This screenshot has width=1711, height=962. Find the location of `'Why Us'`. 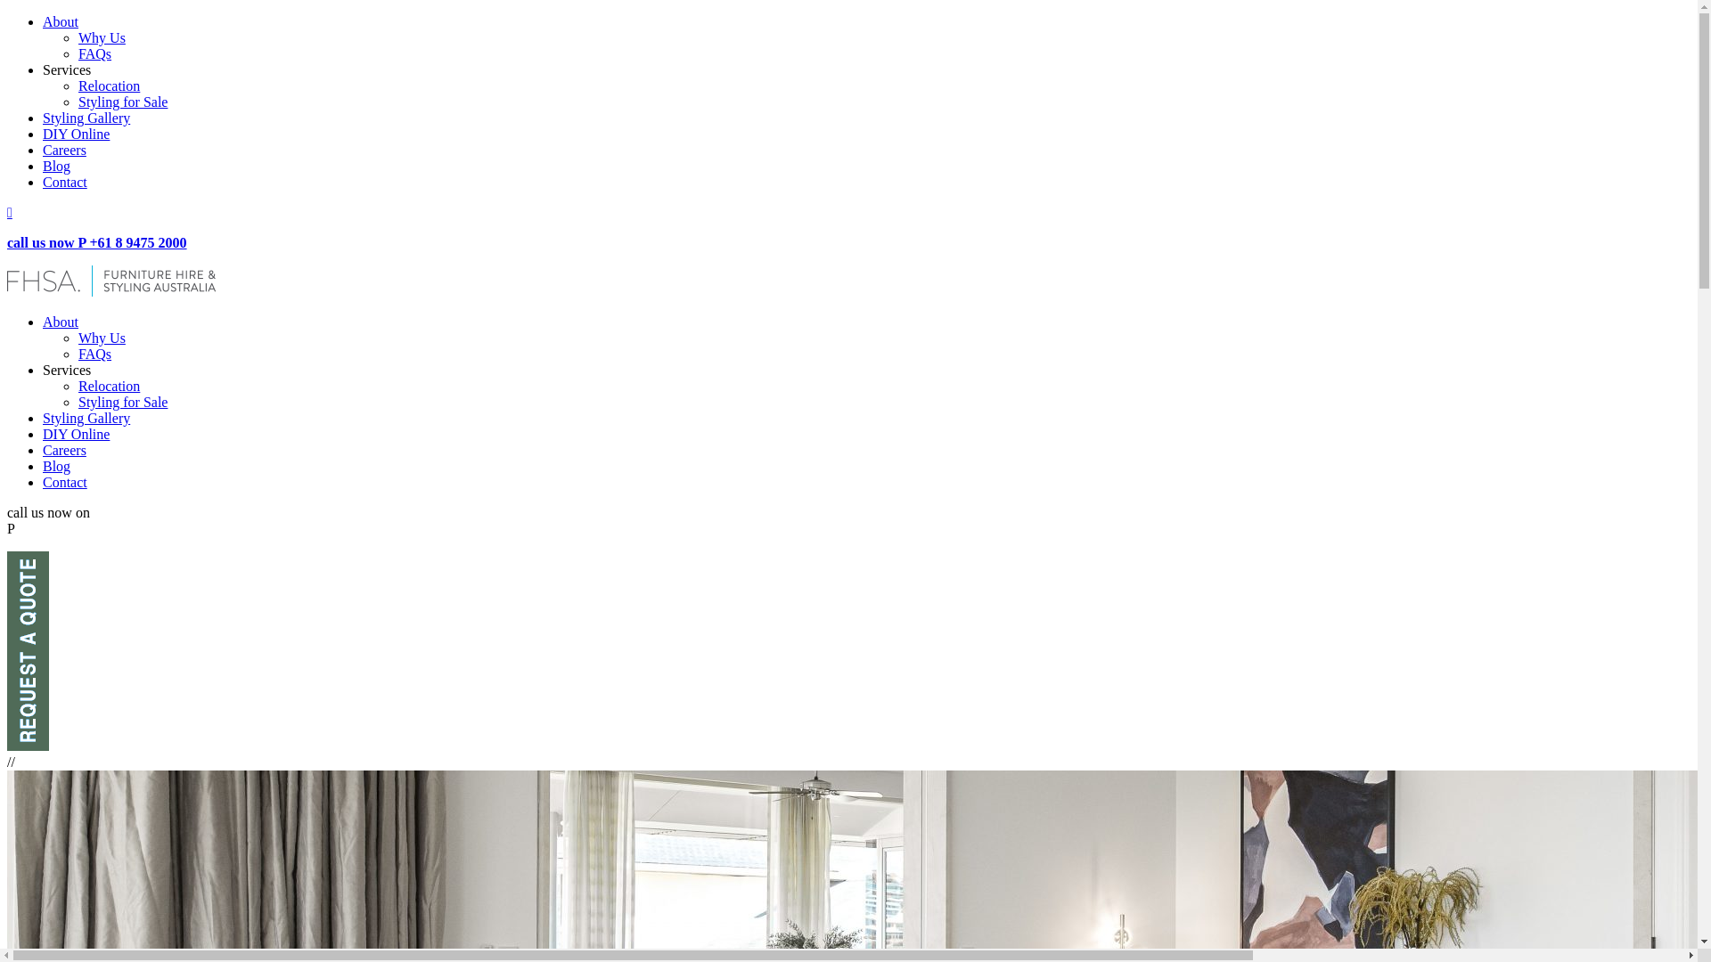

'Why Us' is located at coordinates (101, 338).